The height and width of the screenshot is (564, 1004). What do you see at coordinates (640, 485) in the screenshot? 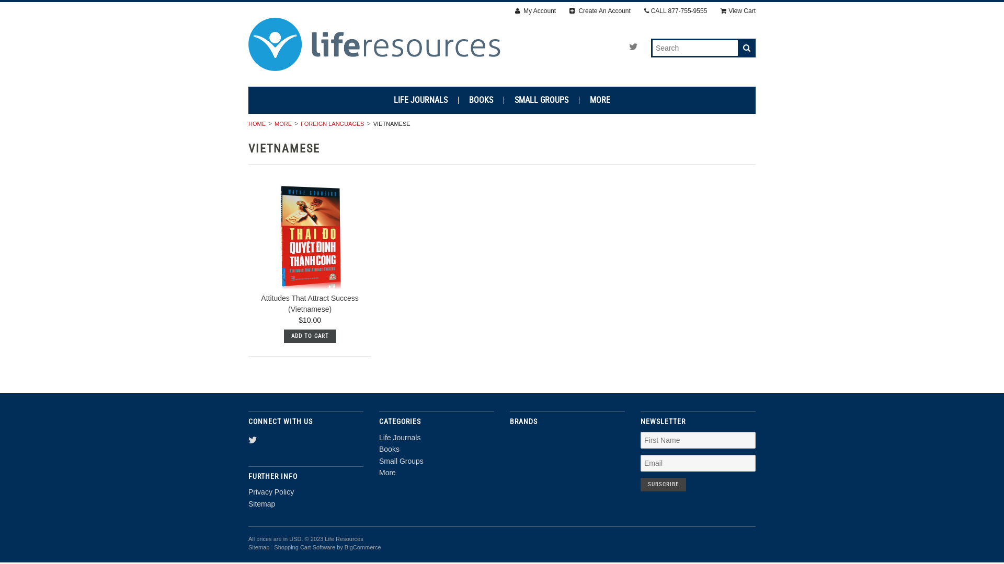
I see `'Subscribe'` at bounding box center [640, 485].